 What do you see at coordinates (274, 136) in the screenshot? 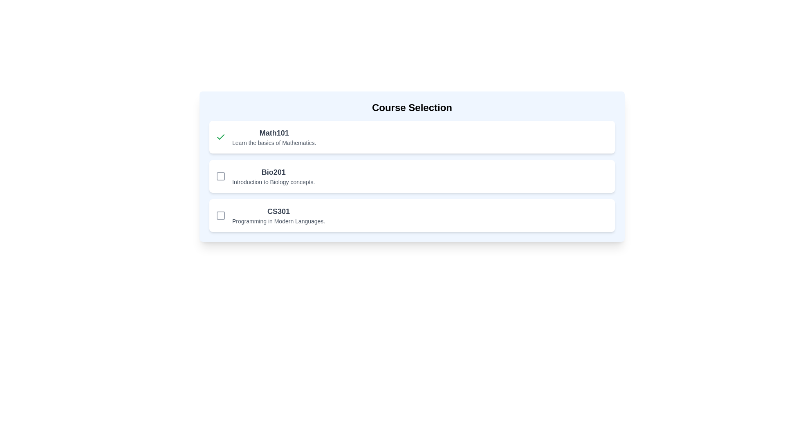
I see `text content displayed in the 'Math101' course card, which includes the bold title 'Math101' and the description 'Learn the basics of Mathematics.'` at bounding box center [274, 136].